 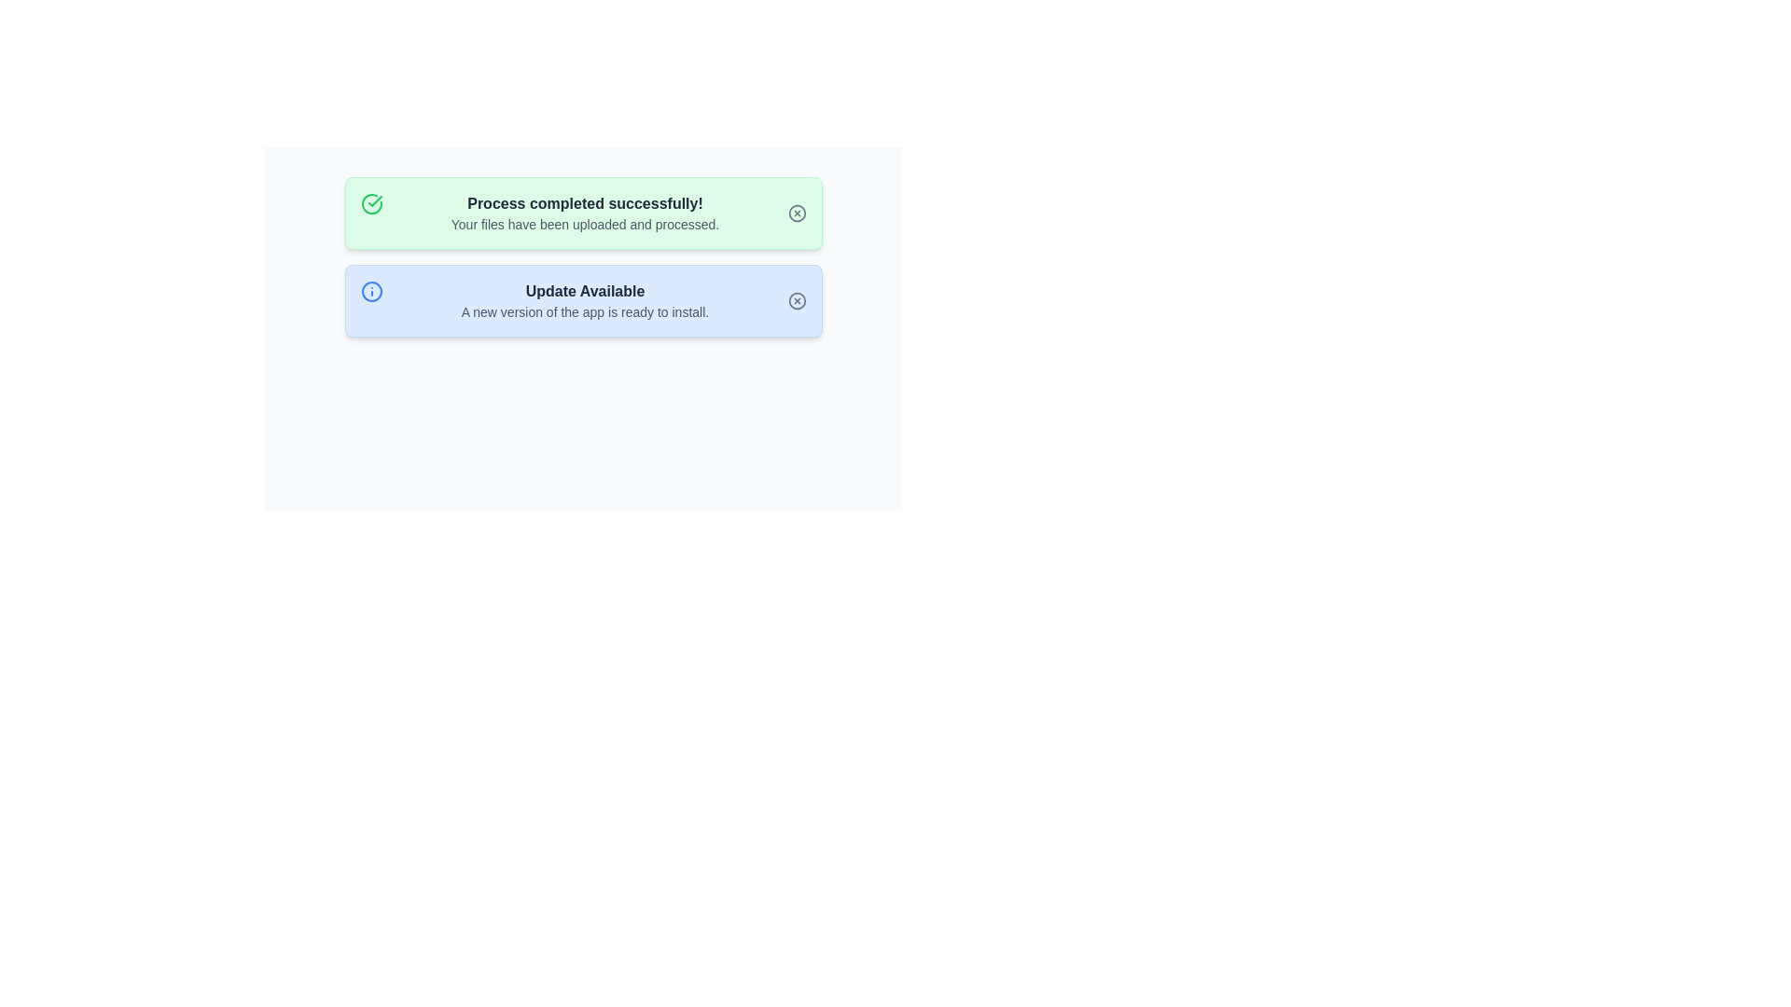 What do you see at coordinates (584, 311) in the screenshot?
I see `the static text that informs the user about the availability of a new app version for installation, located below the heading 'Update Available'` at bounding box center [584, 311].